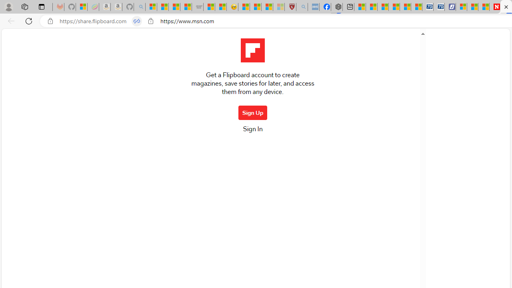 This screenshot has height=288, width=512. What do you see at coordinates (278, 7) in the screenshot?
I see `'12 Popular Science Lies that Must be Corrected - Sleeping'` at bounding box center [278, 7].